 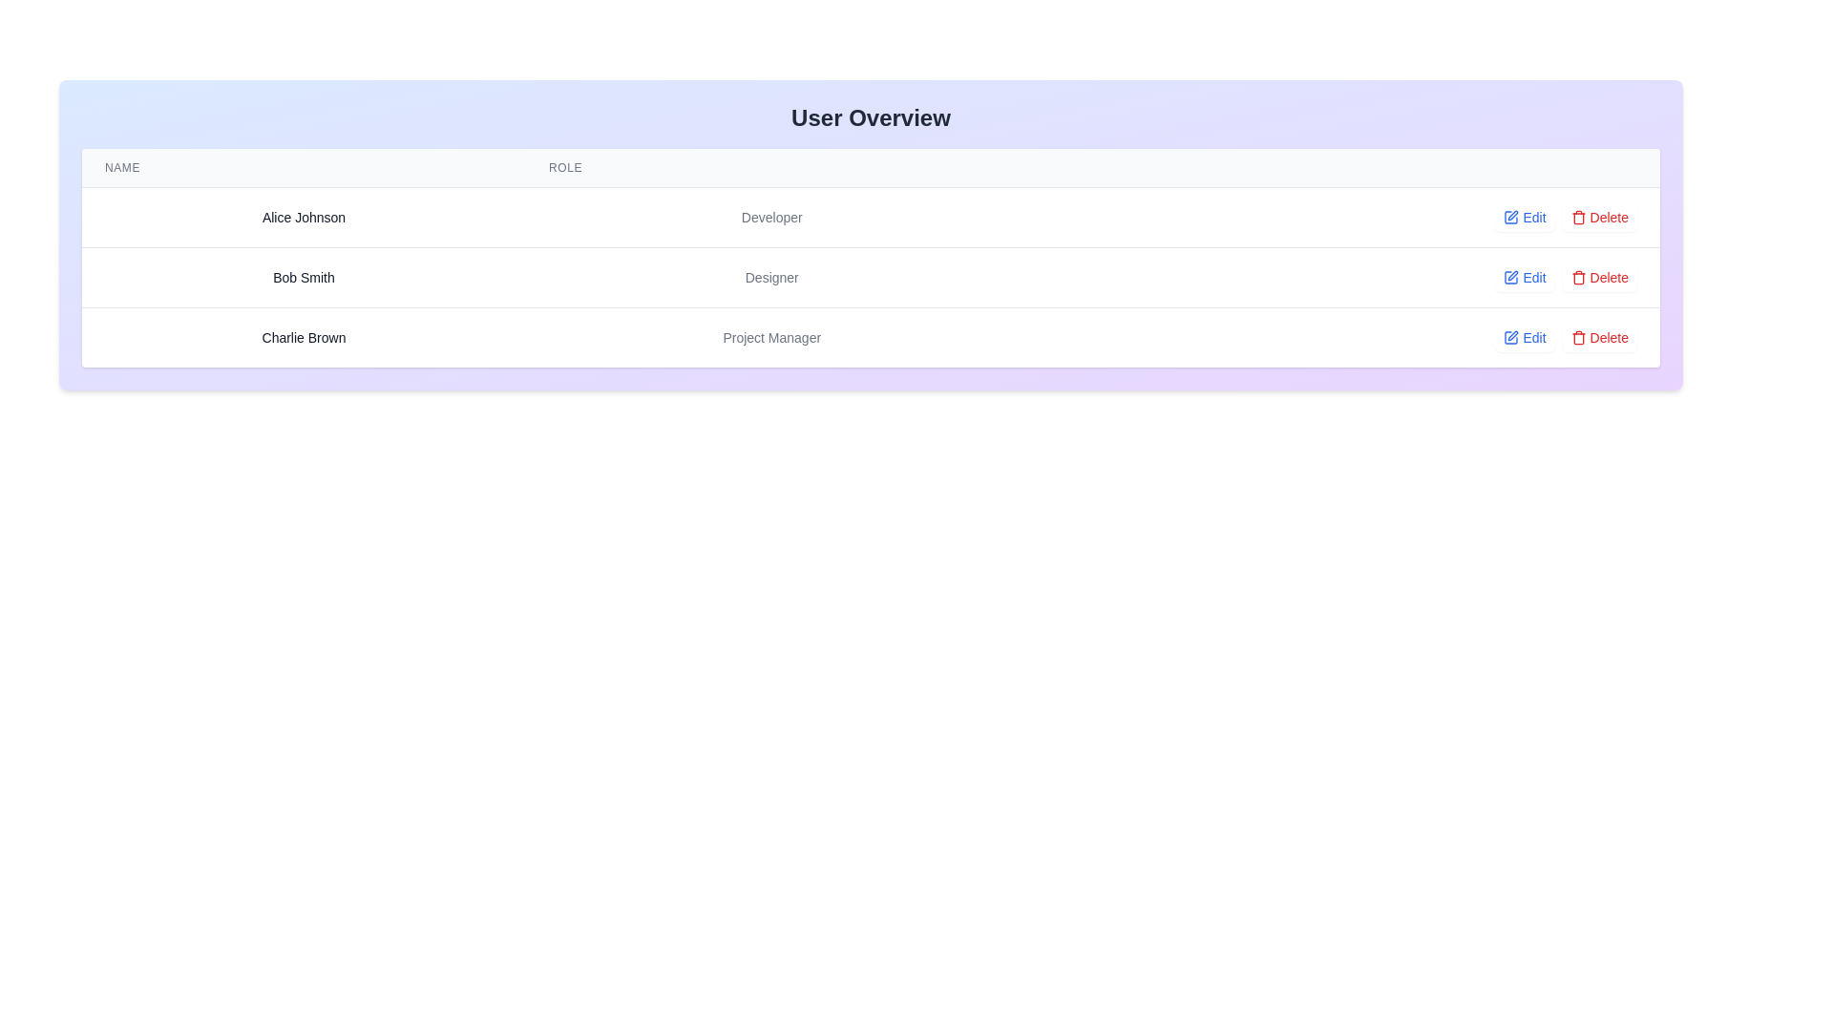 I want to click on the blue pen or edit symbol icon within the 'Edit' button located in the third row of the user data table, so click(x=1510, y=277).